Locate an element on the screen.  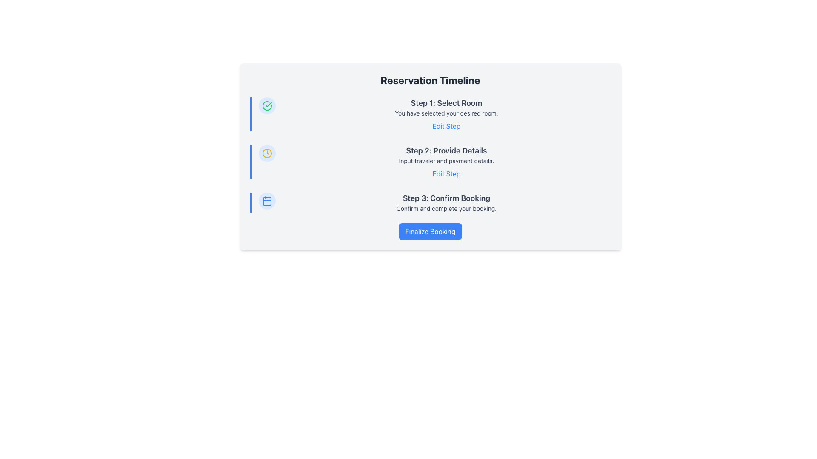
the heading 'Step 1: Select Room' is located at coordinates (446, 103).